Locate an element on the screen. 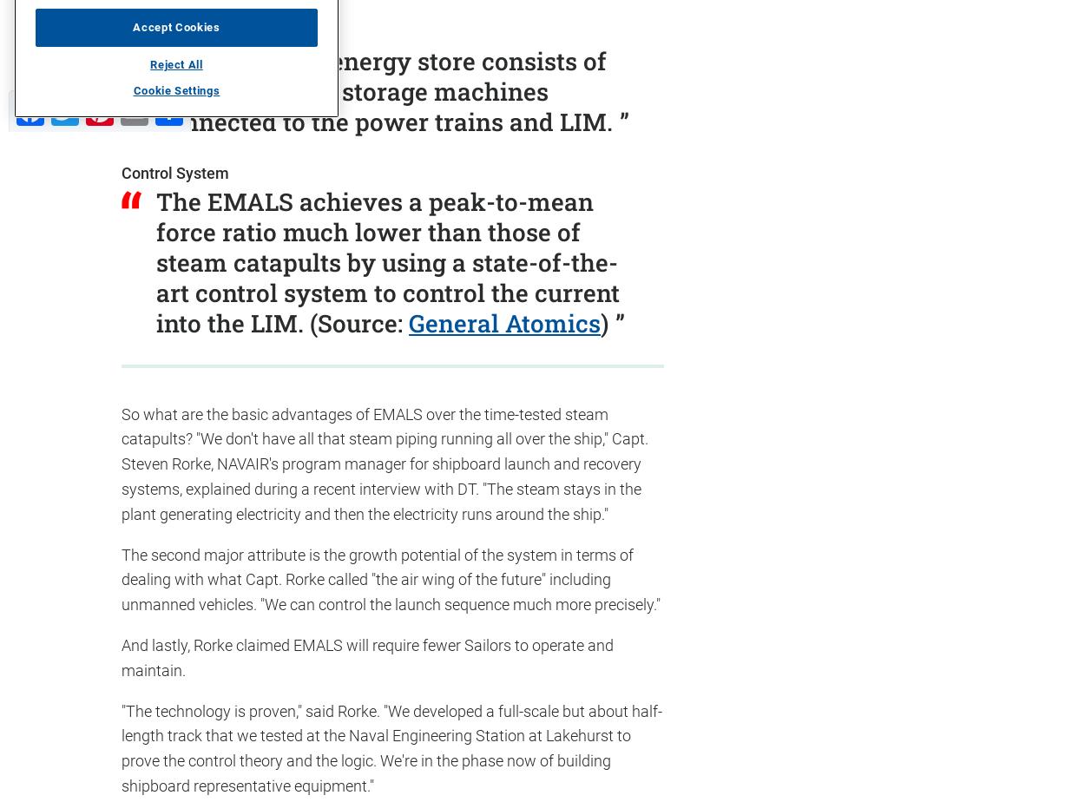  'General Atomics' is located at coordinates (503, 322).